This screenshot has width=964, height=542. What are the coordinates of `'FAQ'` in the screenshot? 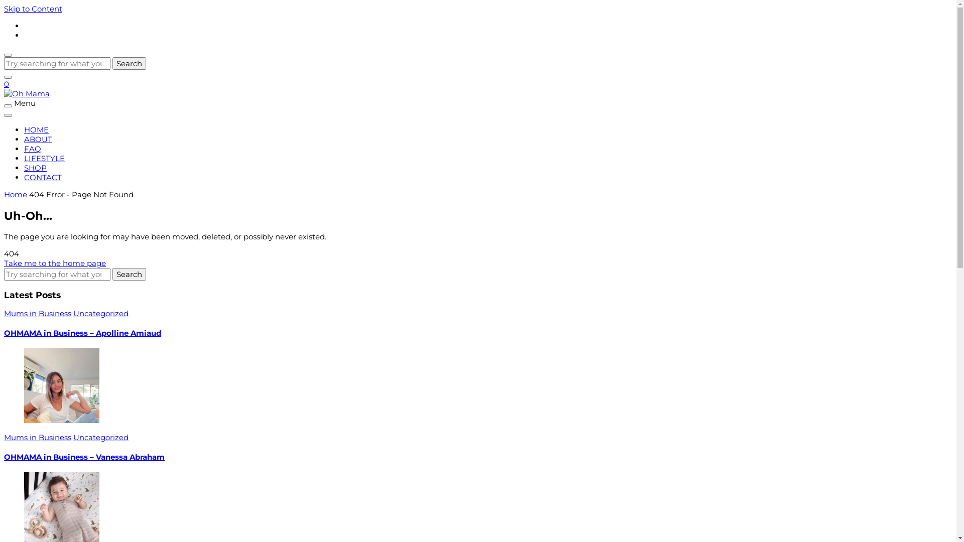 It's located at (33, 149).